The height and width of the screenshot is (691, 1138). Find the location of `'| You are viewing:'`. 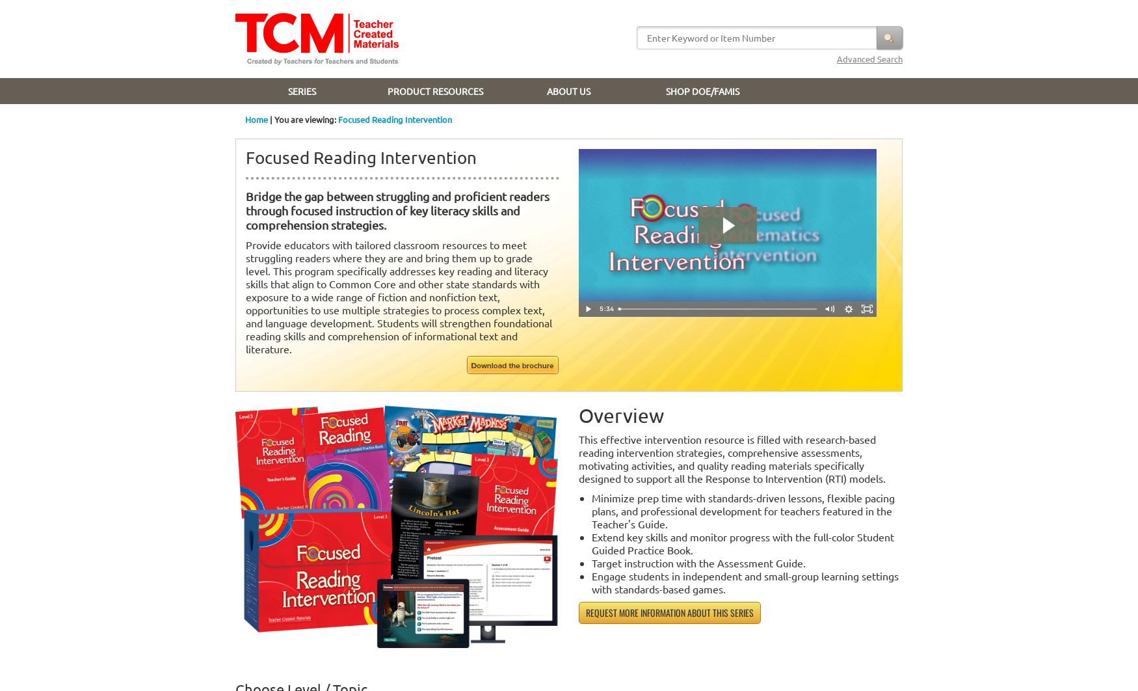

'| You are viewing:' is located at coordinates (303, 119).